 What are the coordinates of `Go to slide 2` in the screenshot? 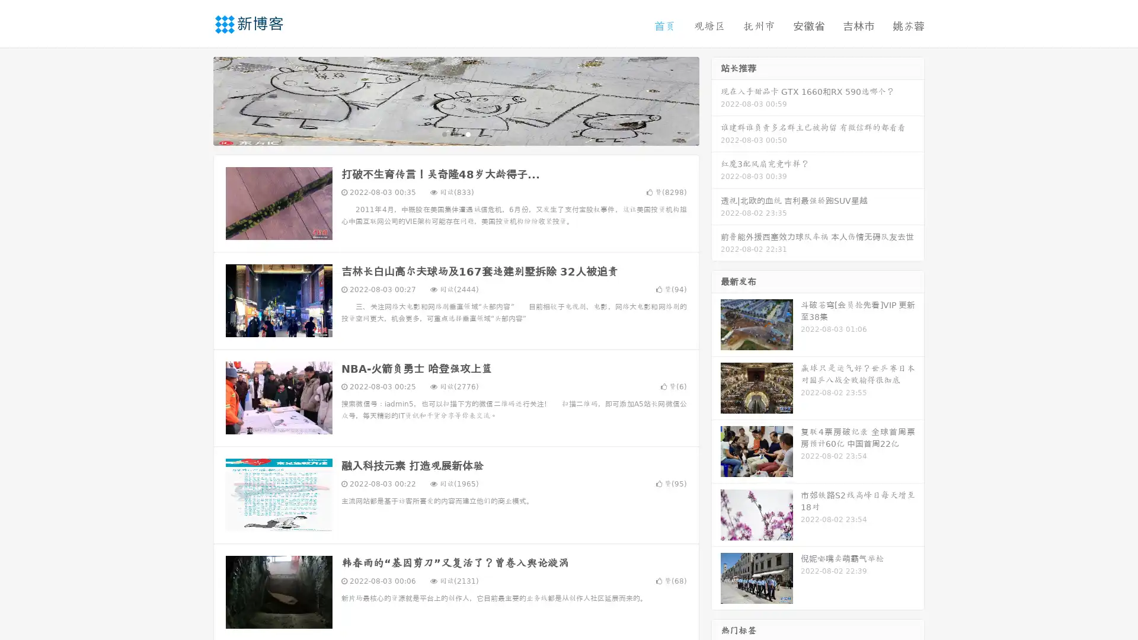 It's located at (455, 133).